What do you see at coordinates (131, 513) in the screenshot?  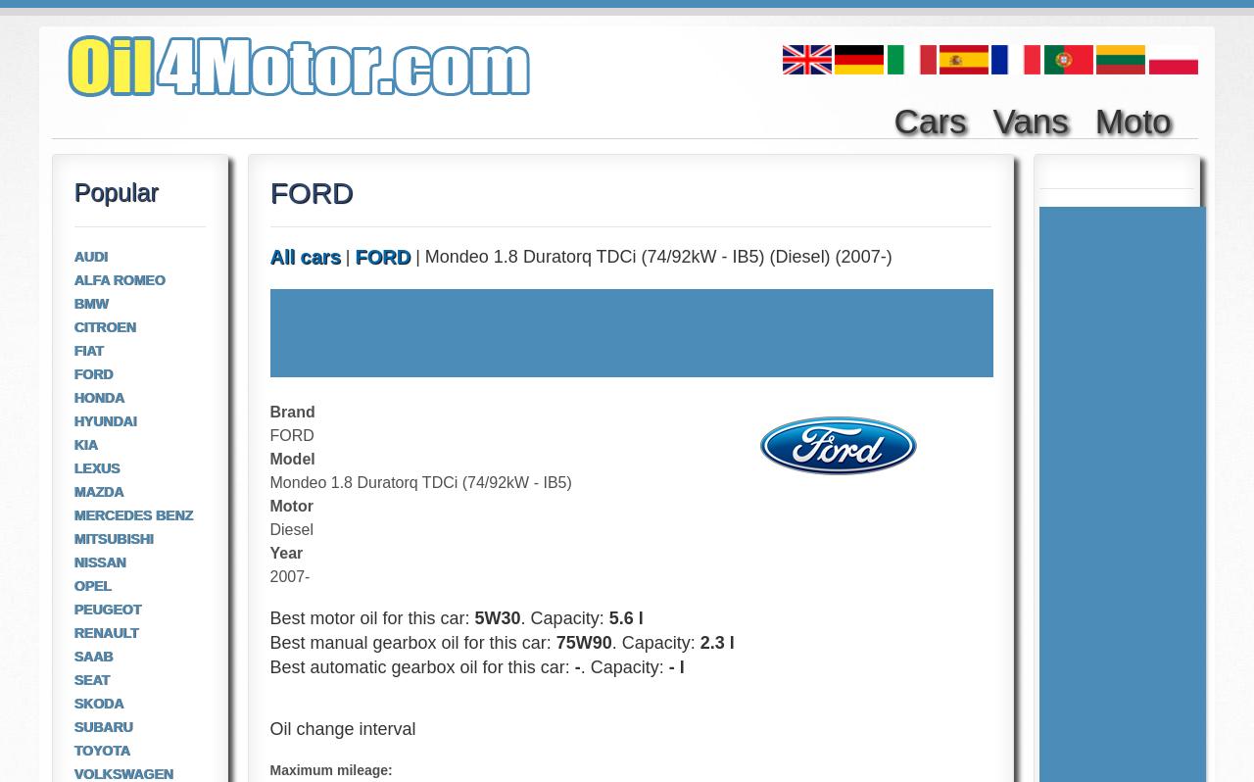 I see `'MERCEDES BENZ'` at bounding box center [131, 513].